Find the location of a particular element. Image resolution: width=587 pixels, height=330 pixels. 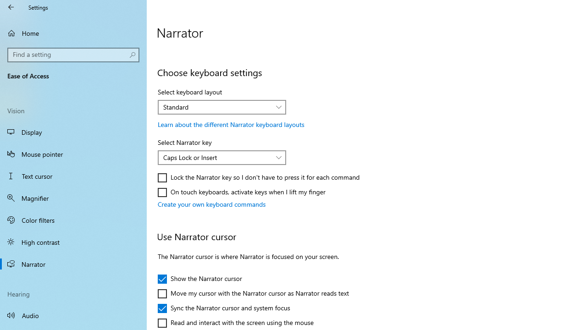

'Narrator' is located at coordinates (73, 264).